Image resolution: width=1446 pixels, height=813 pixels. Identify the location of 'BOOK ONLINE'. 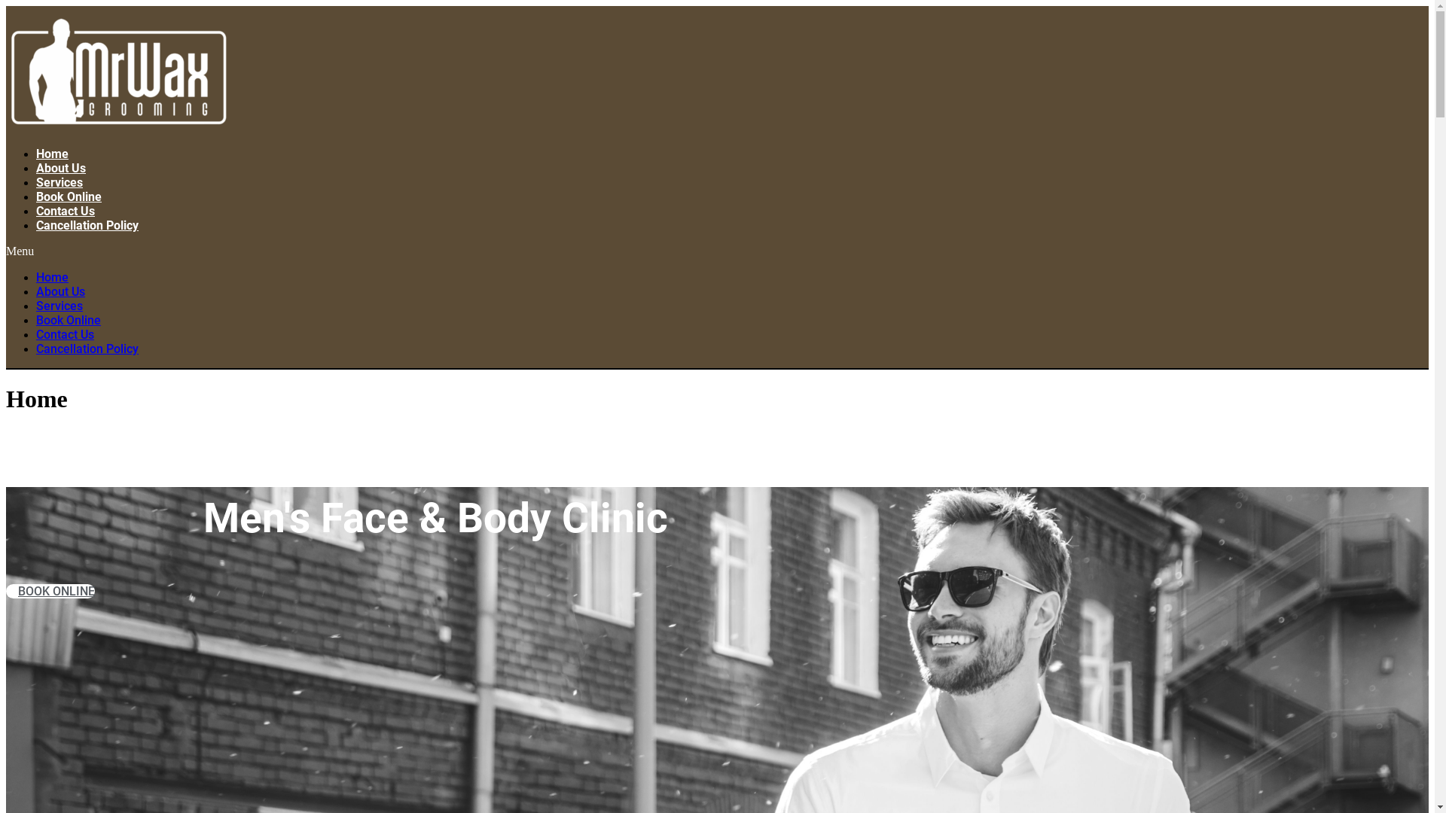
(6, 590).